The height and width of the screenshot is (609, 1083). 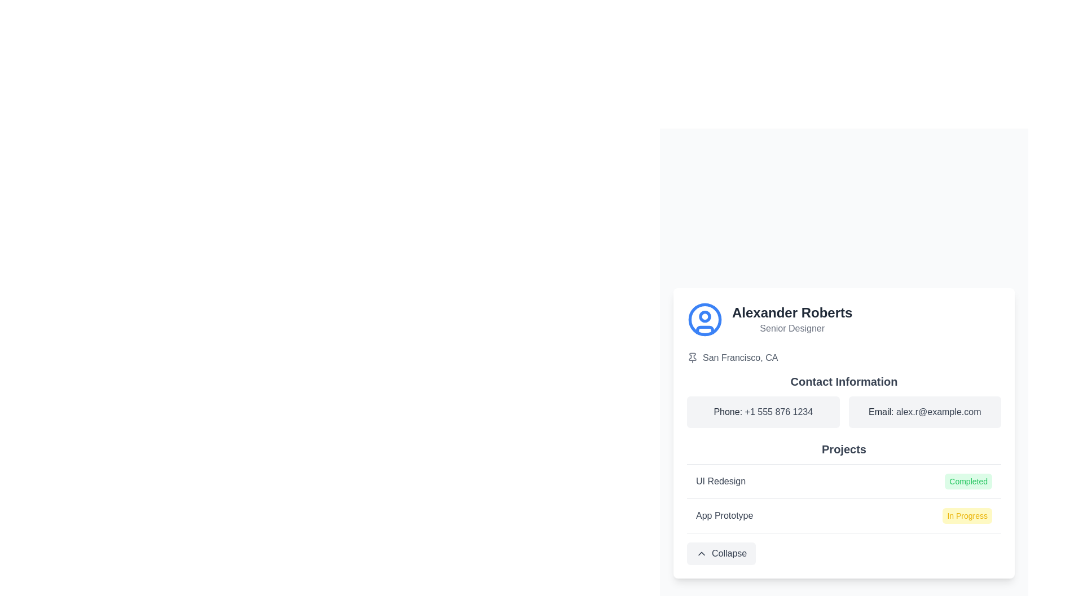 I want to click on the bold, large, dark-colored text that reads 'Alexander Roberts', which is centered above 'Senior Designer' and aligned with the avatar image, so click(x=791, y=312).